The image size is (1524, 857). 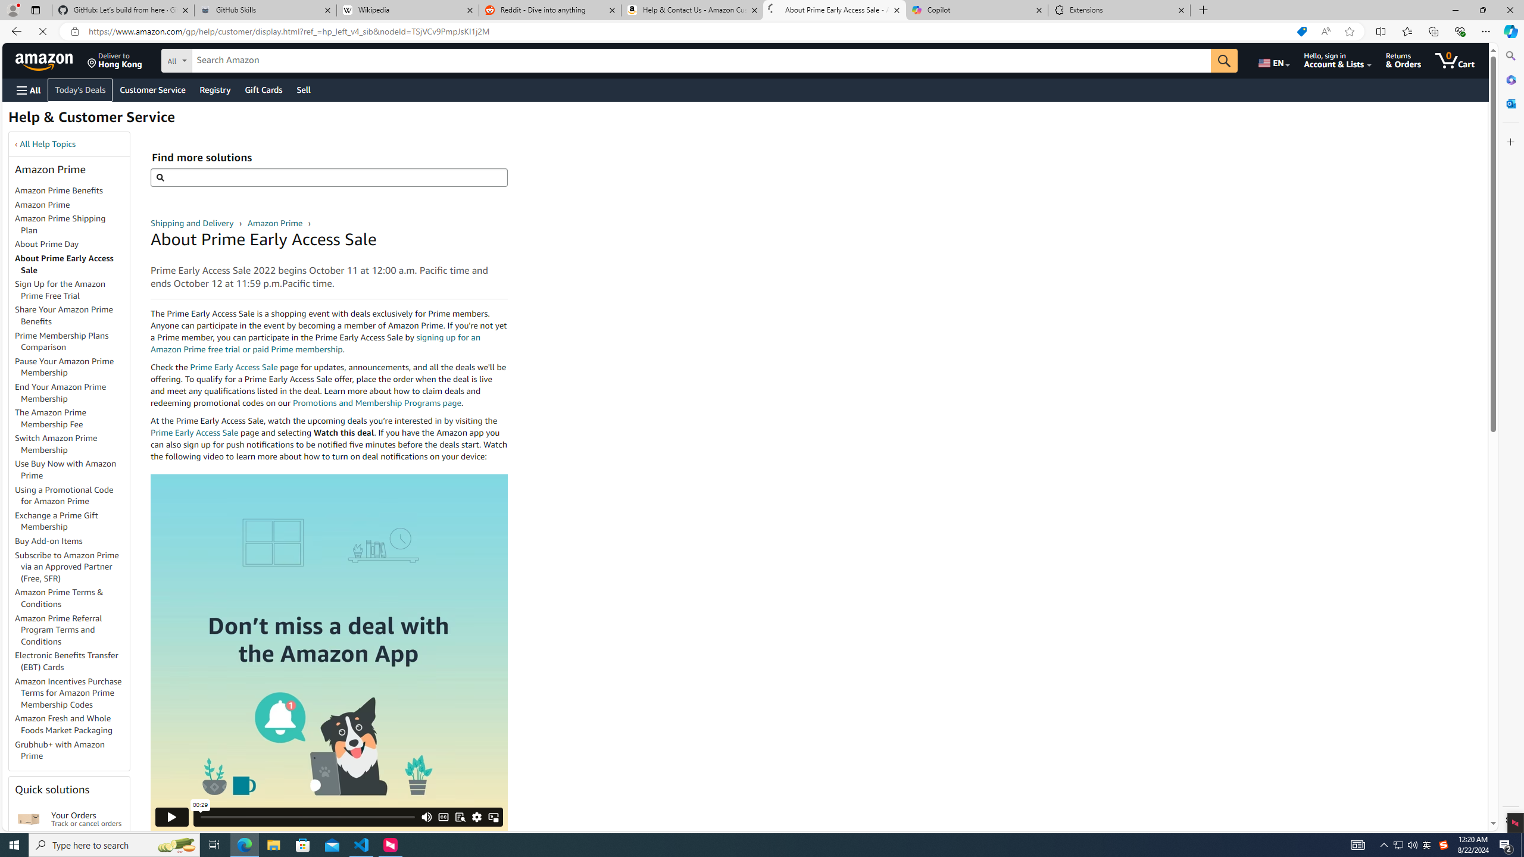 I want to click on '0 items in cart', so click(x=1463, y=60).